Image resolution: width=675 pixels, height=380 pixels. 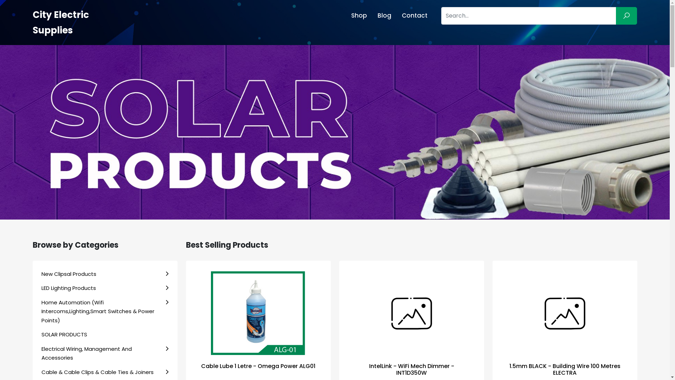 What do you see at coordinates (104, 288) in the screenshot?
I see `'LED Lighting Products'` at bounding box center [104, 288].